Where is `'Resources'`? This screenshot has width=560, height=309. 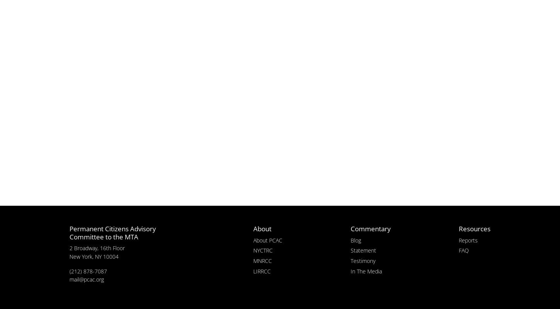 'Resources' is located at coordinates (474, 228).